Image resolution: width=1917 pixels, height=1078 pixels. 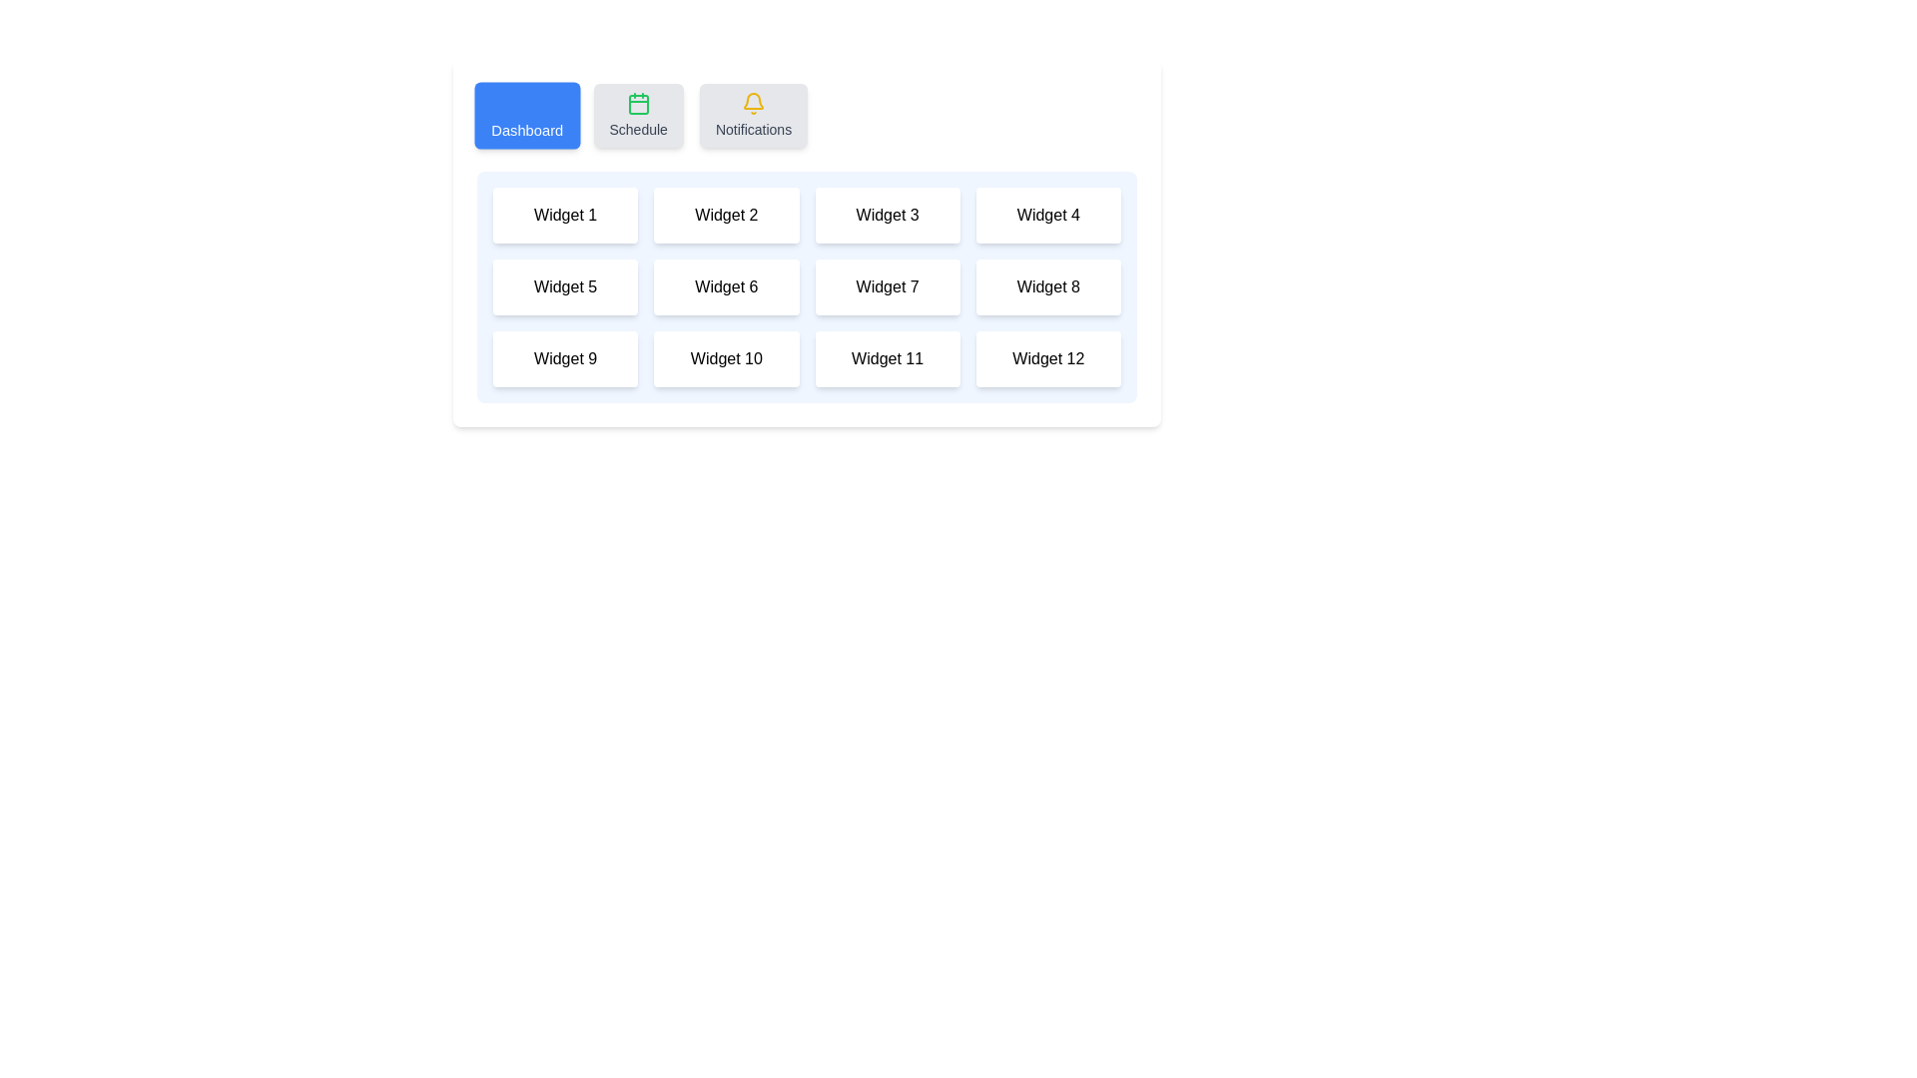 What do you see at coordinates (637, 115) in the screenshot?
I see `the Schedule tab by clicking its button` at bounding box center [637, 115].